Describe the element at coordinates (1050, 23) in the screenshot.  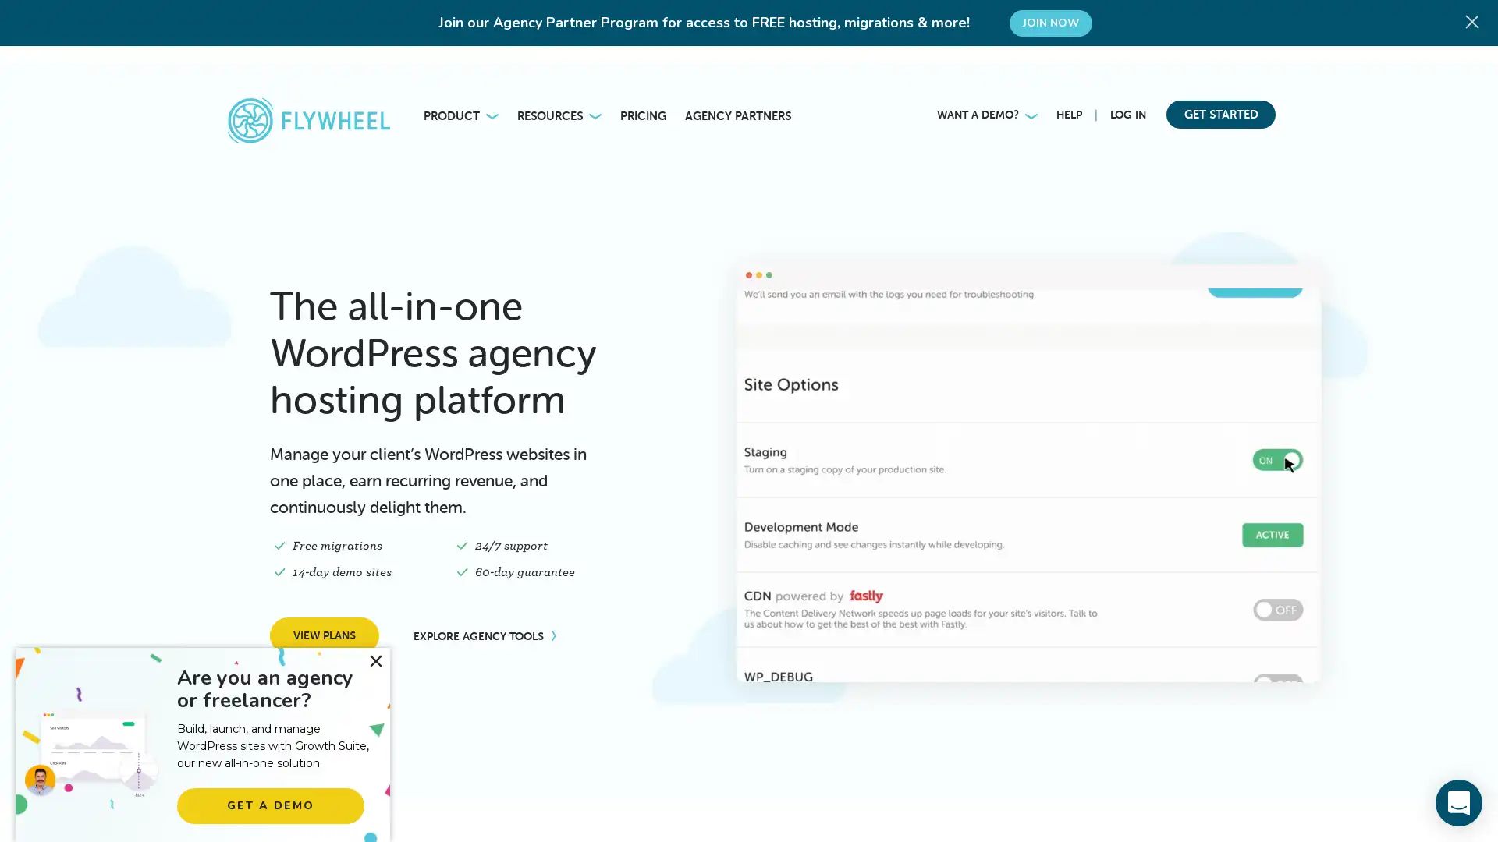
I see `JOIN NOW` at that location.